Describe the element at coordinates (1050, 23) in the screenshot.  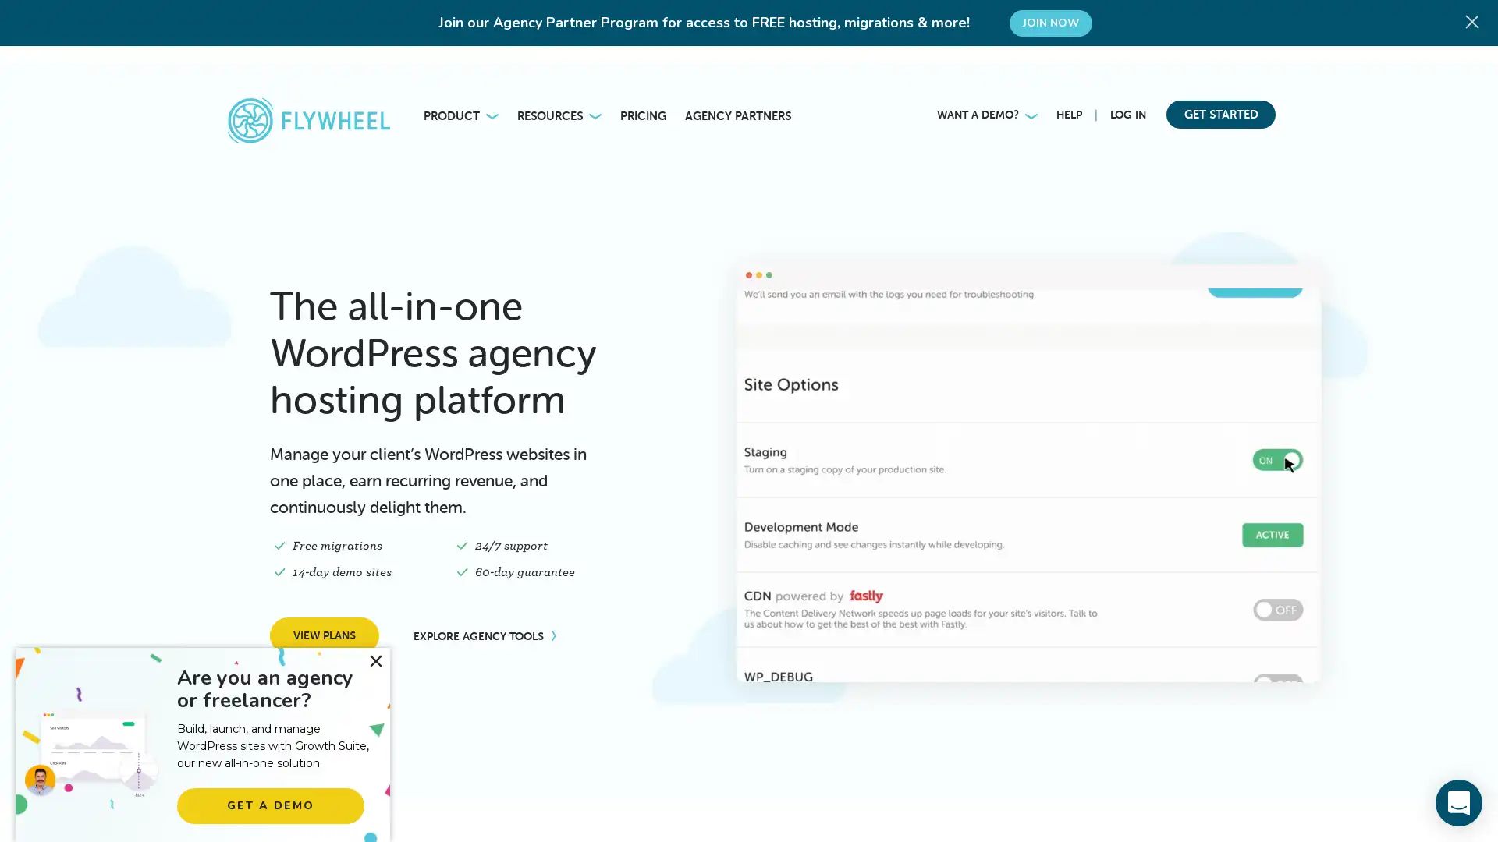
I see `JOIN NOW` at that location.